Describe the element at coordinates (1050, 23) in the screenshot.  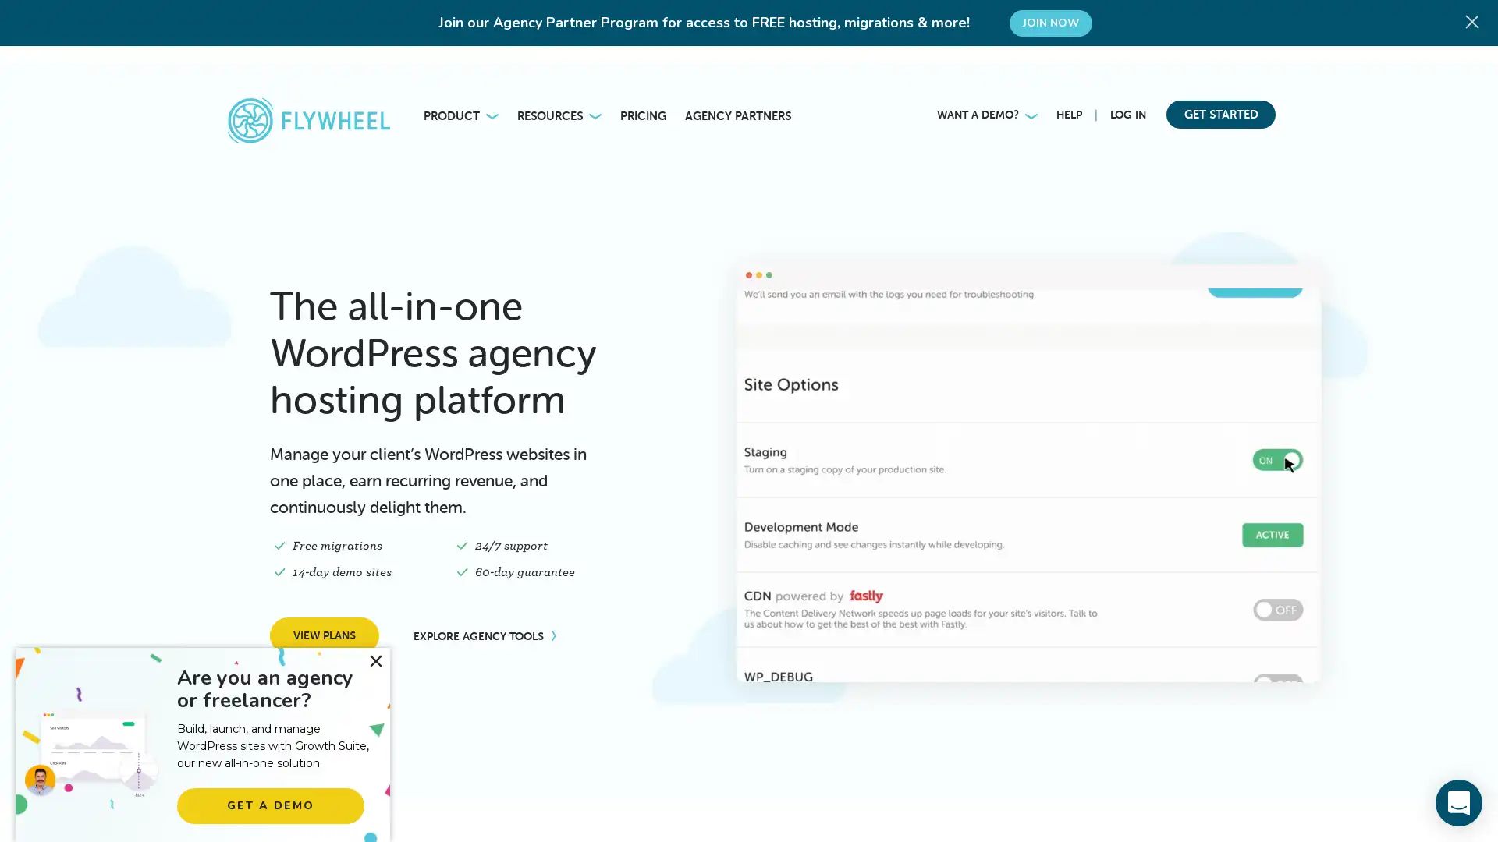
I see `JOIN NOW` at that location.